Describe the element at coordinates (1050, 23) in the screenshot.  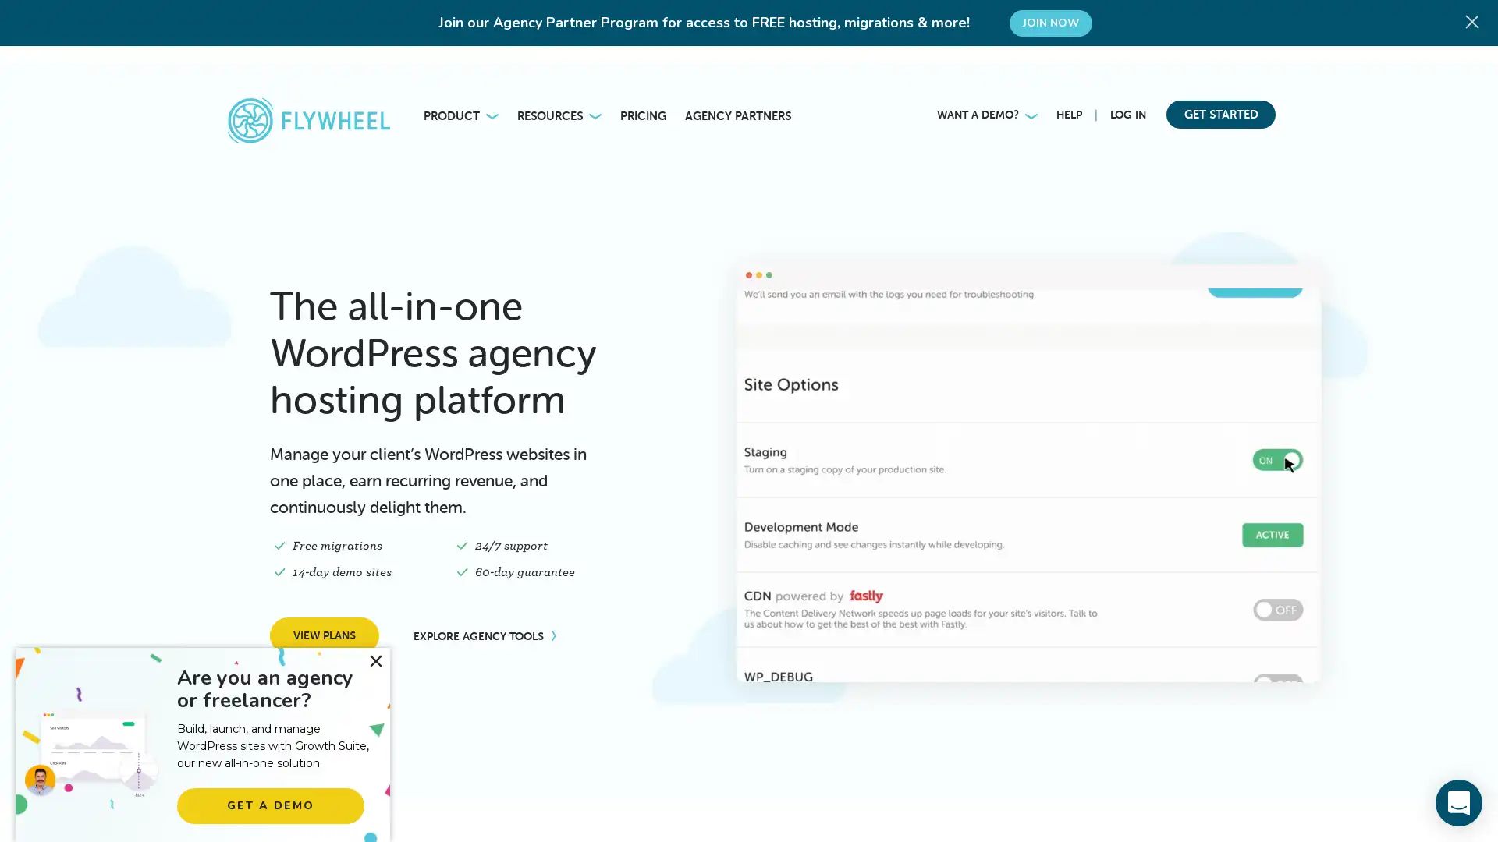
I see `JOIN NOW` at that location.